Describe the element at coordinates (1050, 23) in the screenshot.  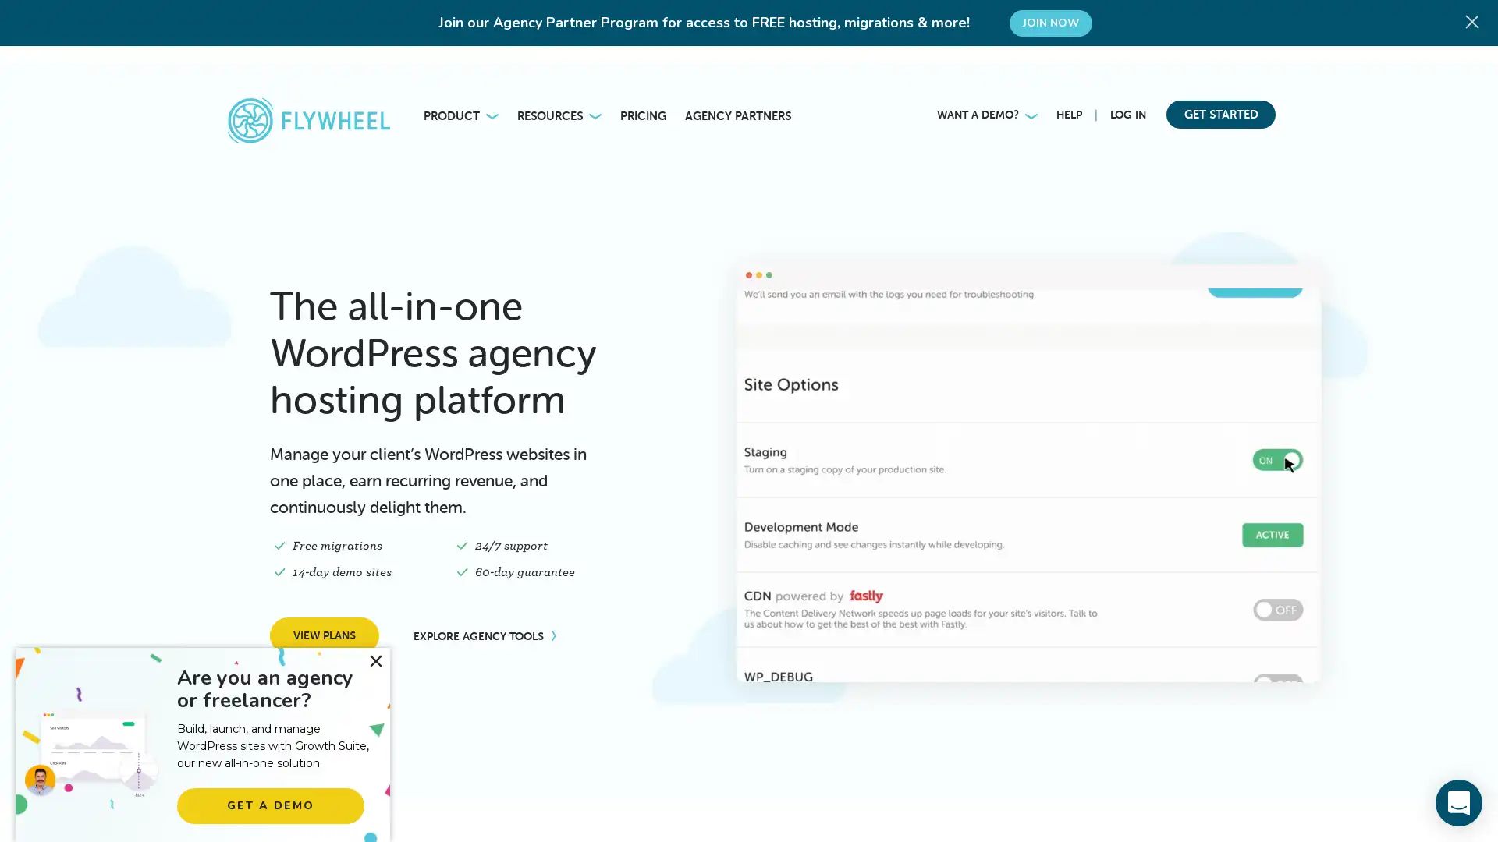
I see `JOIN NOW` at that location.